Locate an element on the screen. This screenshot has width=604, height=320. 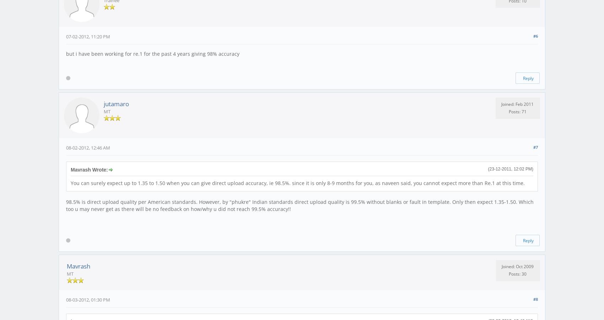
'08-03-2012, 01:30 PM' is located at coordinates (88, 299).